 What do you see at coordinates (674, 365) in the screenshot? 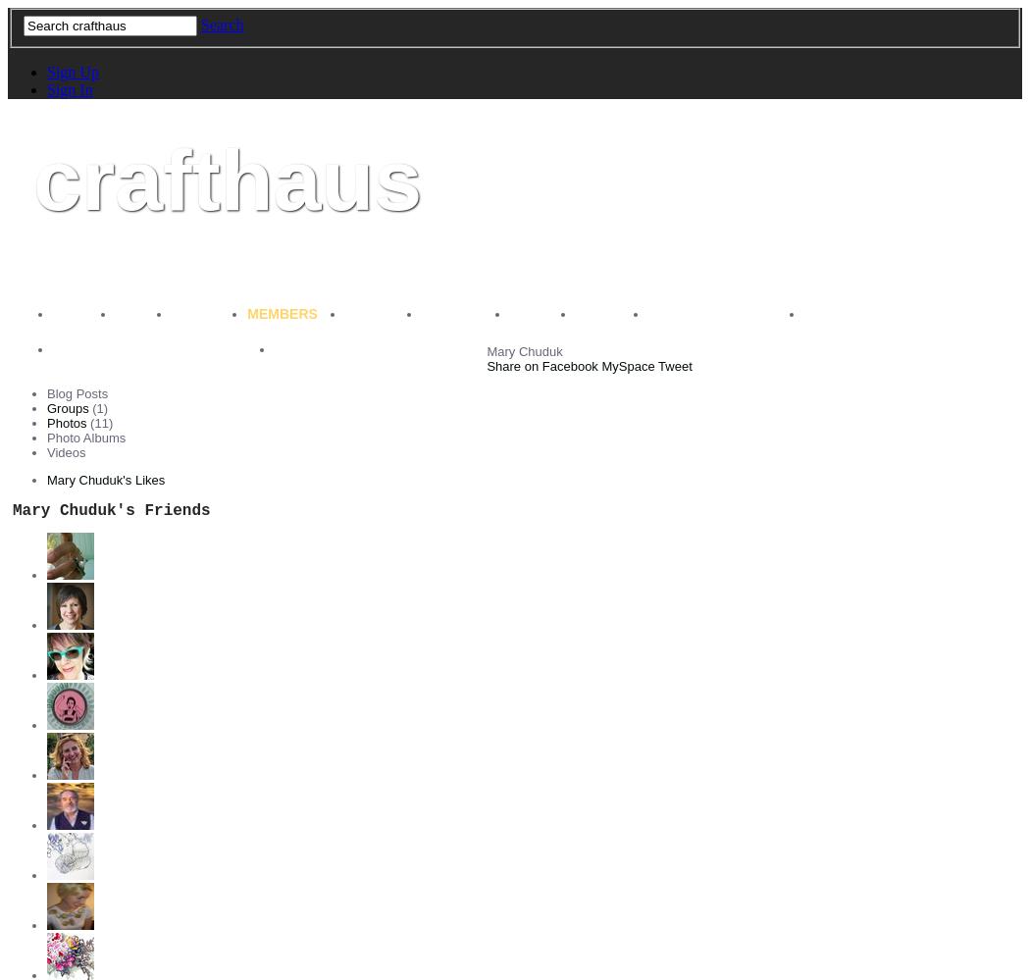
I see `'Tweet'` at bounding box center [674, 365].